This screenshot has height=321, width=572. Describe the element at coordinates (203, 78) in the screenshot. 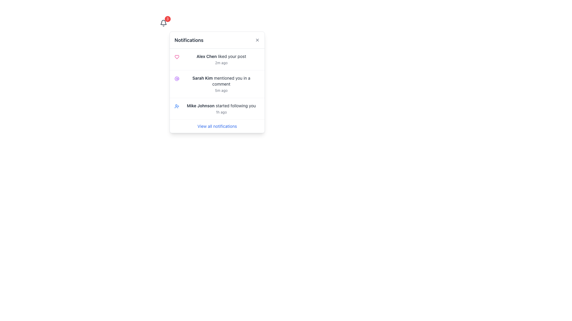

I see `text content of the user name label located in the second notification item, positioned to the right of the '@' symbol icon` at that location.